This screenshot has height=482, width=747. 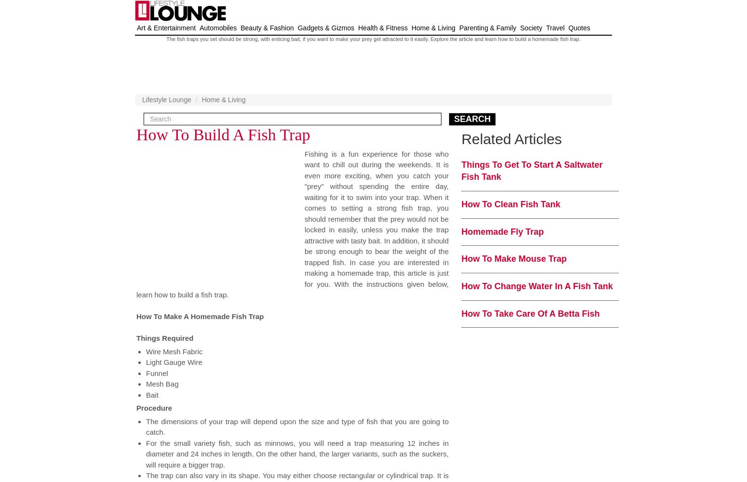 I want to click on 'Parenting & Family', so click(x=487, y=28).